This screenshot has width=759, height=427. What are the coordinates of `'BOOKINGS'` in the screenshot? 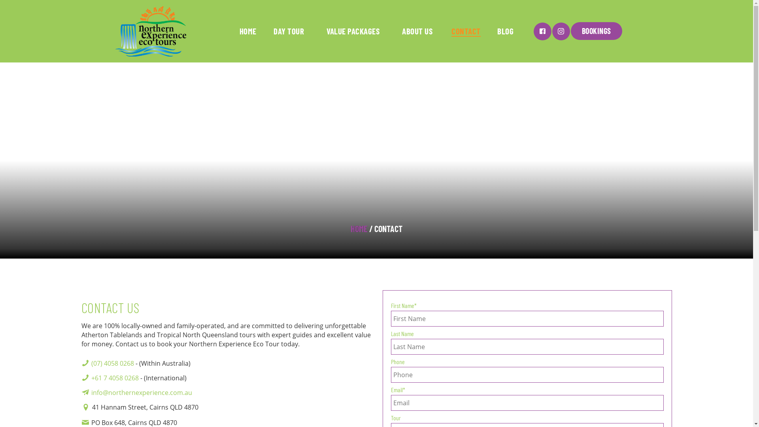 It's located at (596, 30).